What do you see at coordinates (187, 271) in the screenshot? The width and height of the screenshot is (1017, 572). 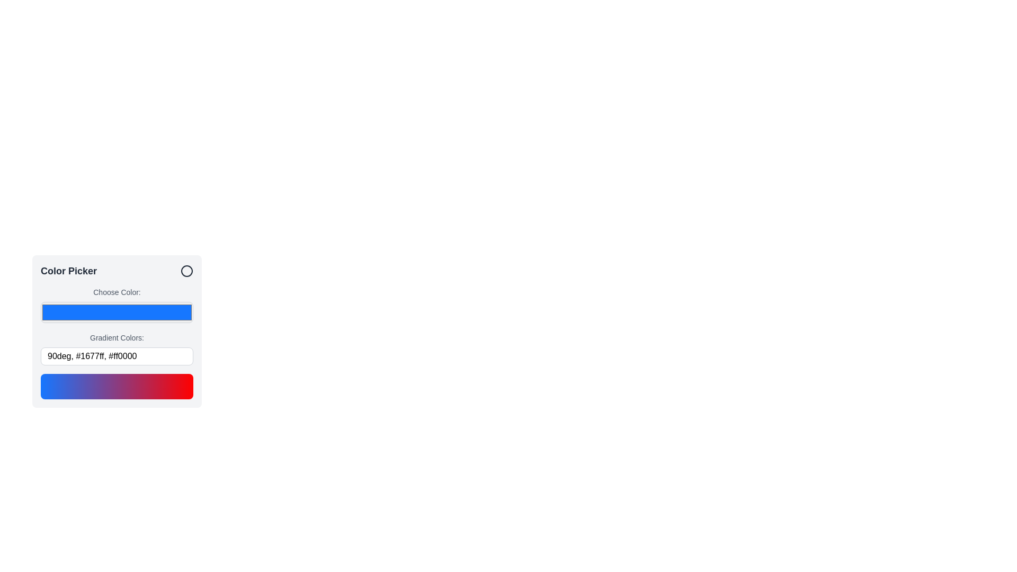 I see `the decorative icon located in the top-right corner of the 'Color Picker' section, positioned to the right of the 'Color Picker' label` at bounding box center [187, 271].